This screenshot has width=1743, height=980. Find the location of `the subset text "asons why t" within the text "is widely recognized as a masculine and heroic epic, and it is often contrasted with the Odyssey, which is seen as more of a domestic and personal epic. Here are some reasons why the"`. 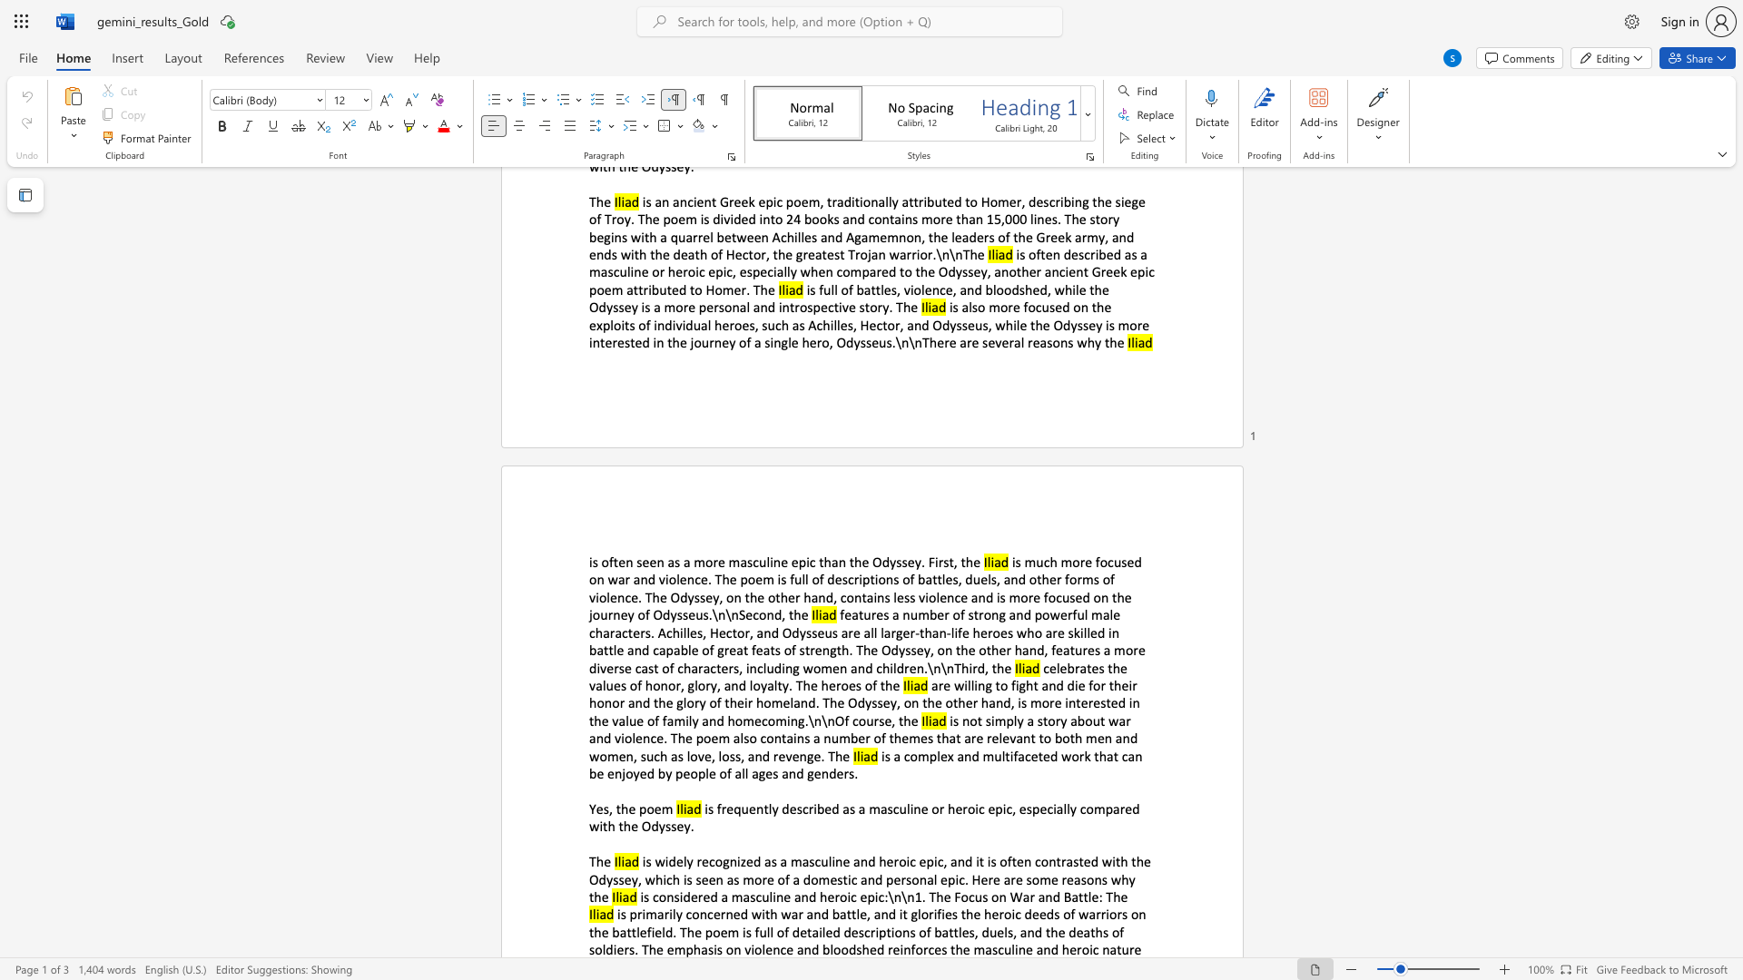

the subset text "asons why t" within the text "is widely recognized as a masculine and heroic epic, and it is often contrasted with the Odyssey, which is seen as more of a domestic and personal epic. Here are some reasons why the" is located at coordinates (1074, 878).